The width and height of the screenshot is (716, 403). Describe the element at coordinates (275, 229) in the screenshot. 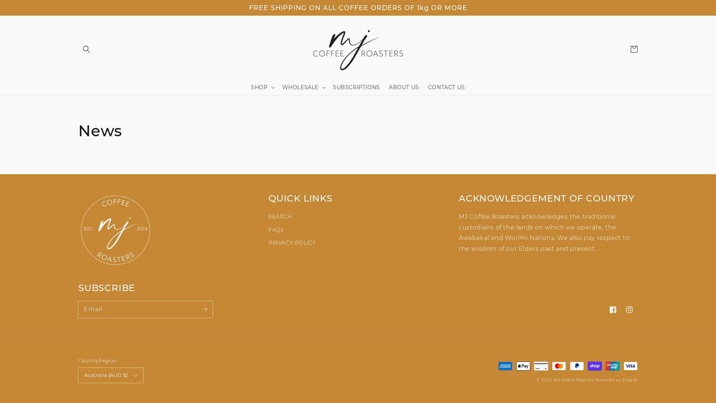

I see `'FAQs'` at that location.